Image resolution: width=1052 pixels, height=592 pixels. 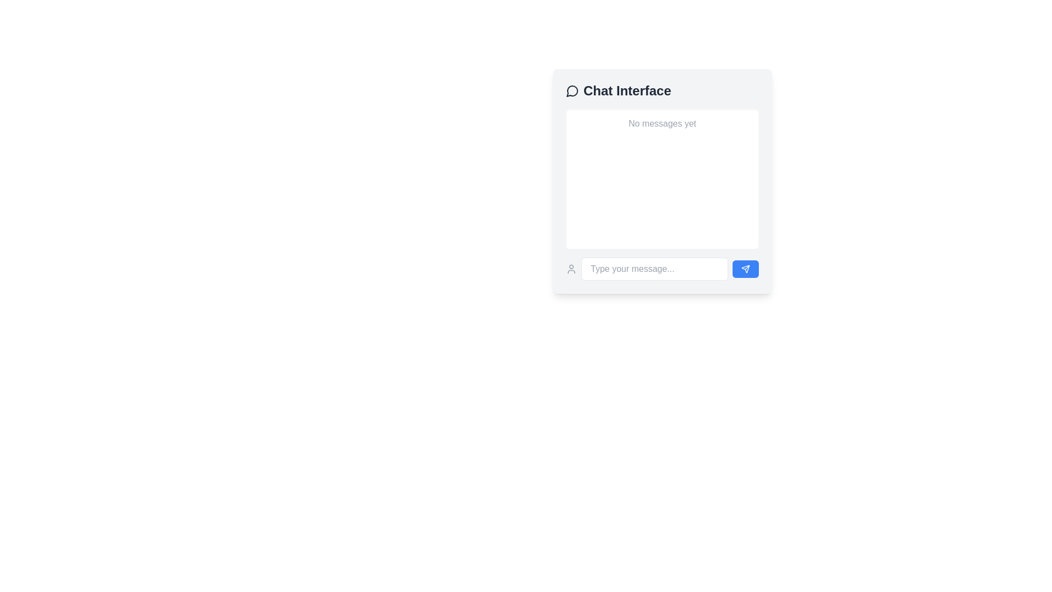 I want to click on the submit button located at the bottom-right corner of the chat interface, so click(x=745, y=269).